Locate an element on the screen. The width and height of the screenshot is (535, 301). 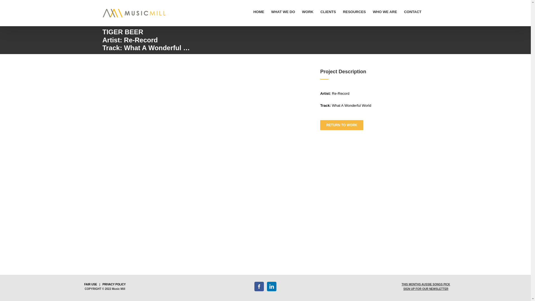
'RESOURCES' is located at coordinates (354, 12).